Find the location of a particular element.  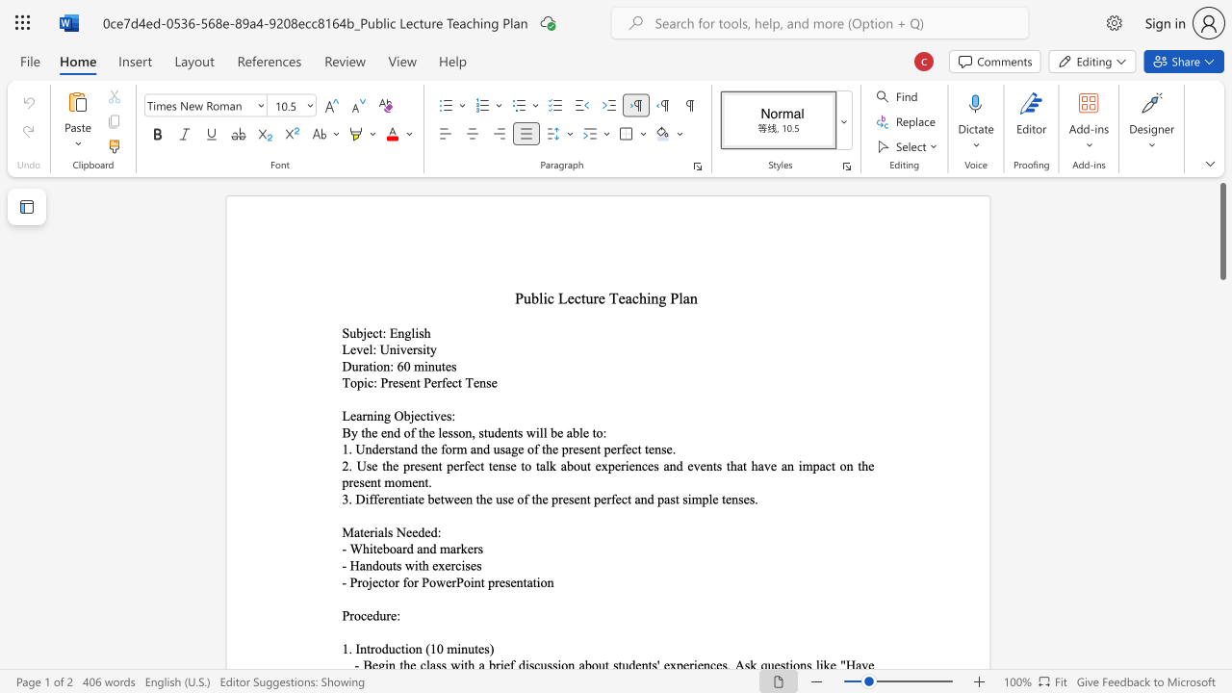

the 3th character "e" in the text is located at coordinates (414, 532).